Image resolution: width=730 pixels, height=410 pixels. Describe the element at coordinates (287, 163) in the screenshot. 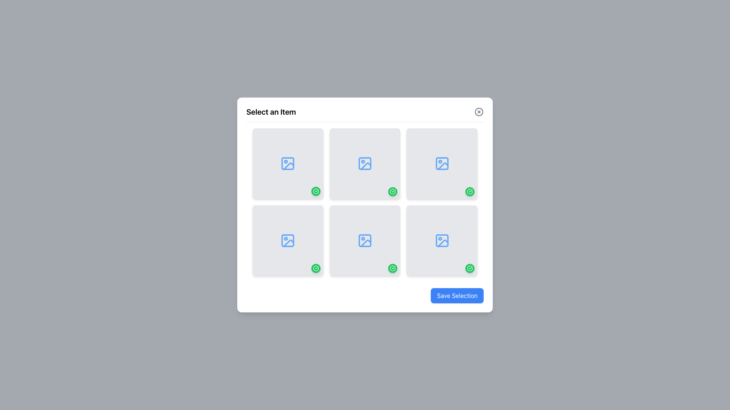

I see `the graphical icon representing an image within the first tile of the grid layout` at that location.